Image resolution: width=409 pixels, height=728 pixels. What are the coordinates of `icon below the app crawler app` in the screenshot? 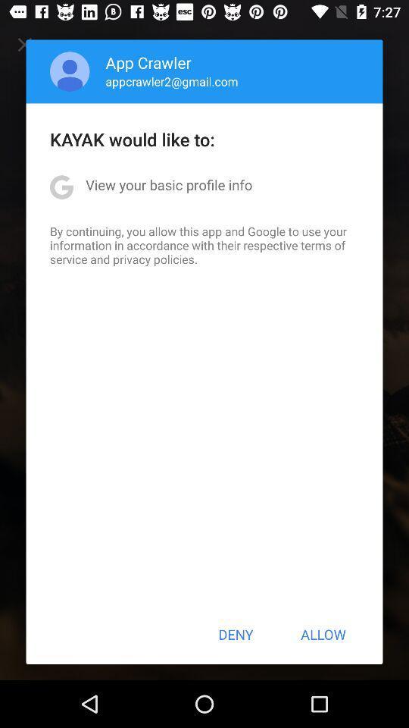 It's located at (171, 81).